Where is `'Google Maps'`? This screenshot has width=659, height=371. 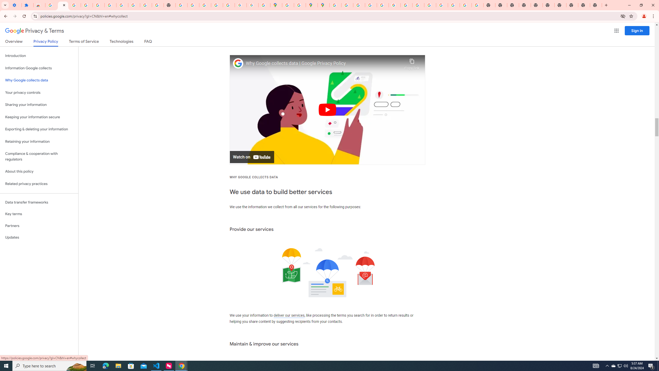
'Google Maps' is located at coordinates (276, 5).